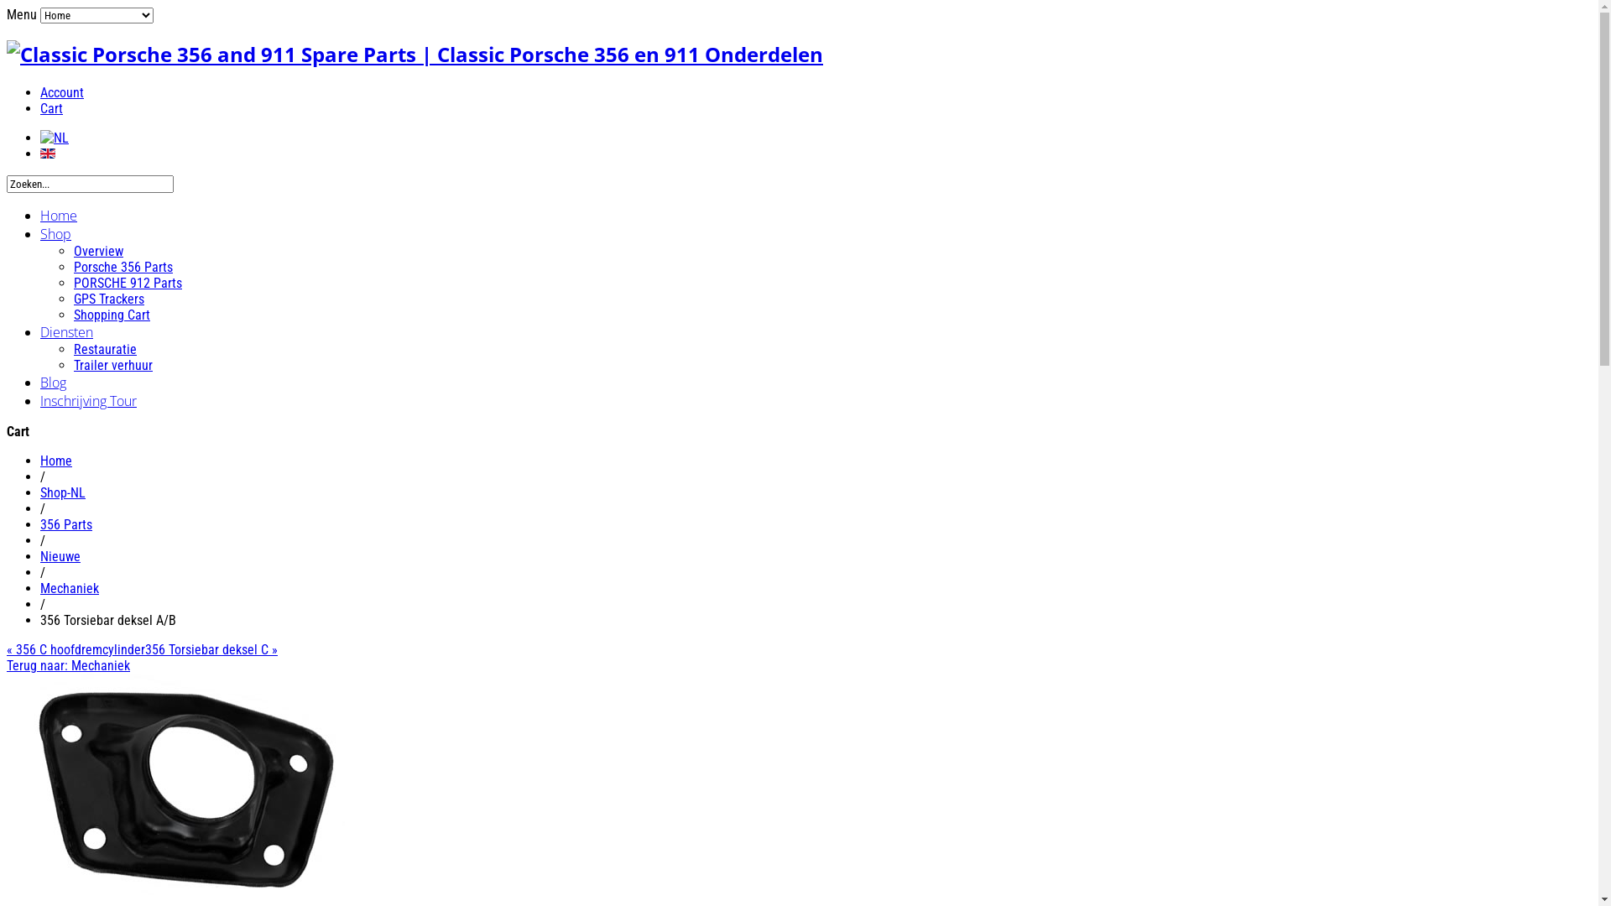 The height and width of the screenshot is (906, 1611). What do you see at coordinates (40, 332) in the screenshot?
I see `'Diensten'` at bounding box center [40, 332].